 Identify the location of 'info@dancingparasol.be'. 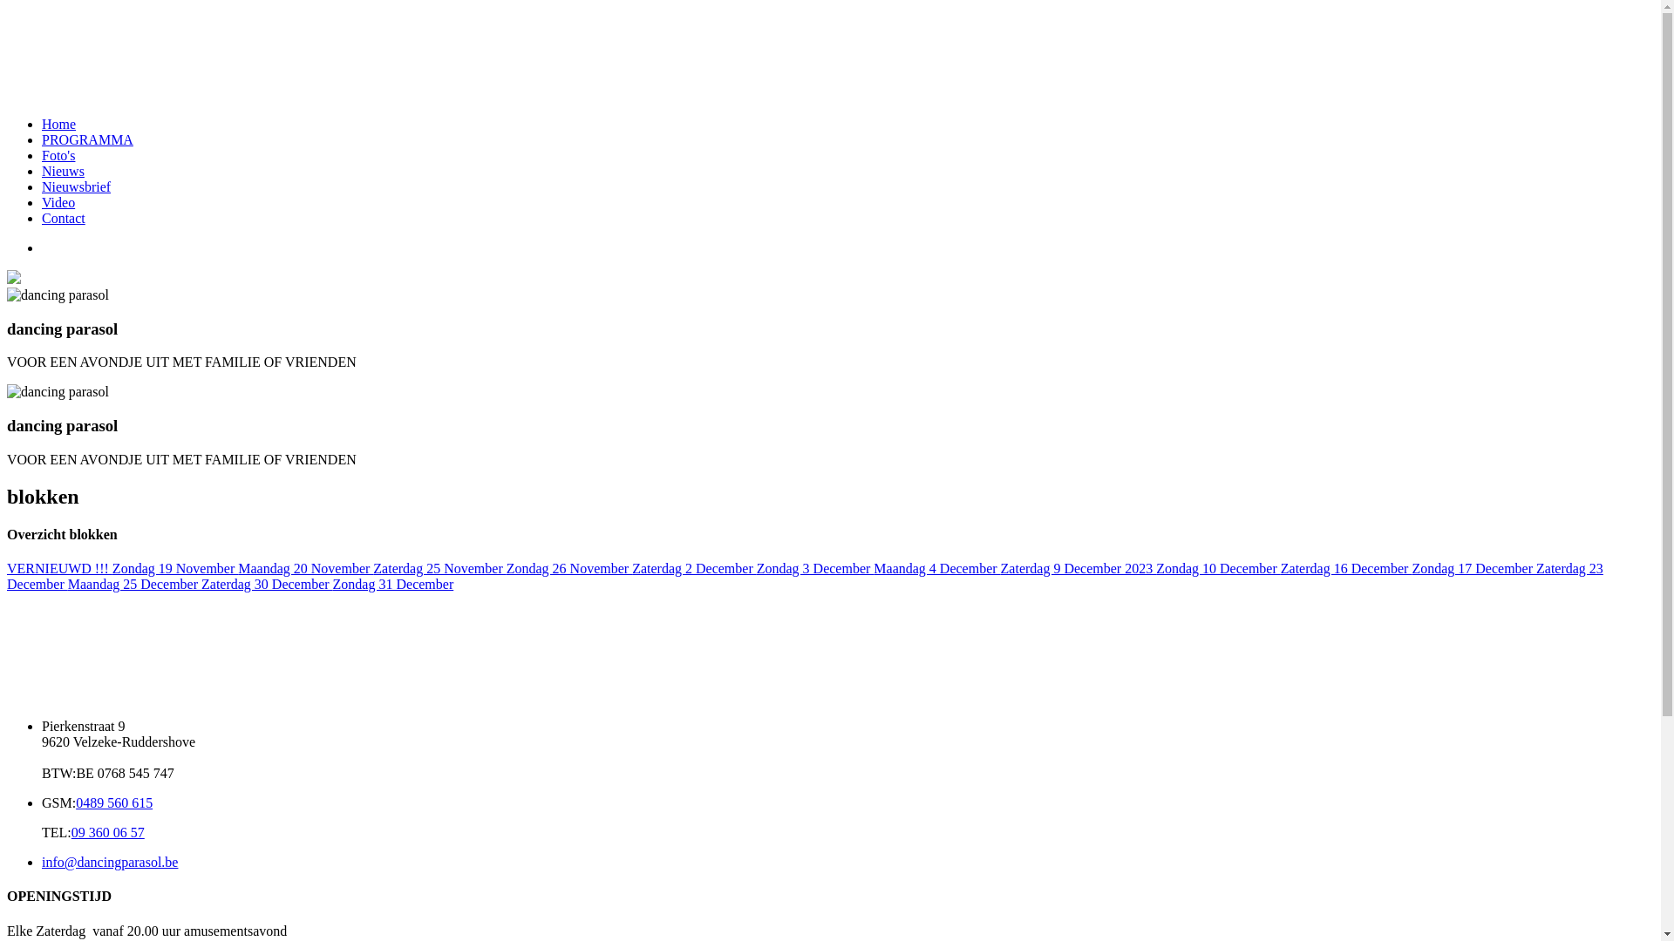
(108, 861).